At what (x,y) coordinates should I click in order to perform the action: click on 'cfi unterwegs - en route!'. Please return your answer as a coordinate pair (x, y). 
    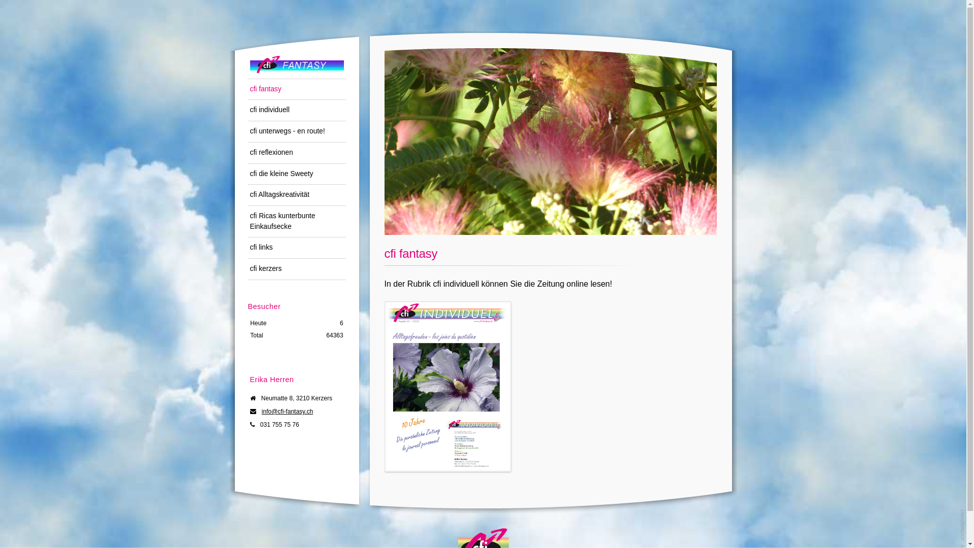
    Looking at the image, I should click on (296, 130).